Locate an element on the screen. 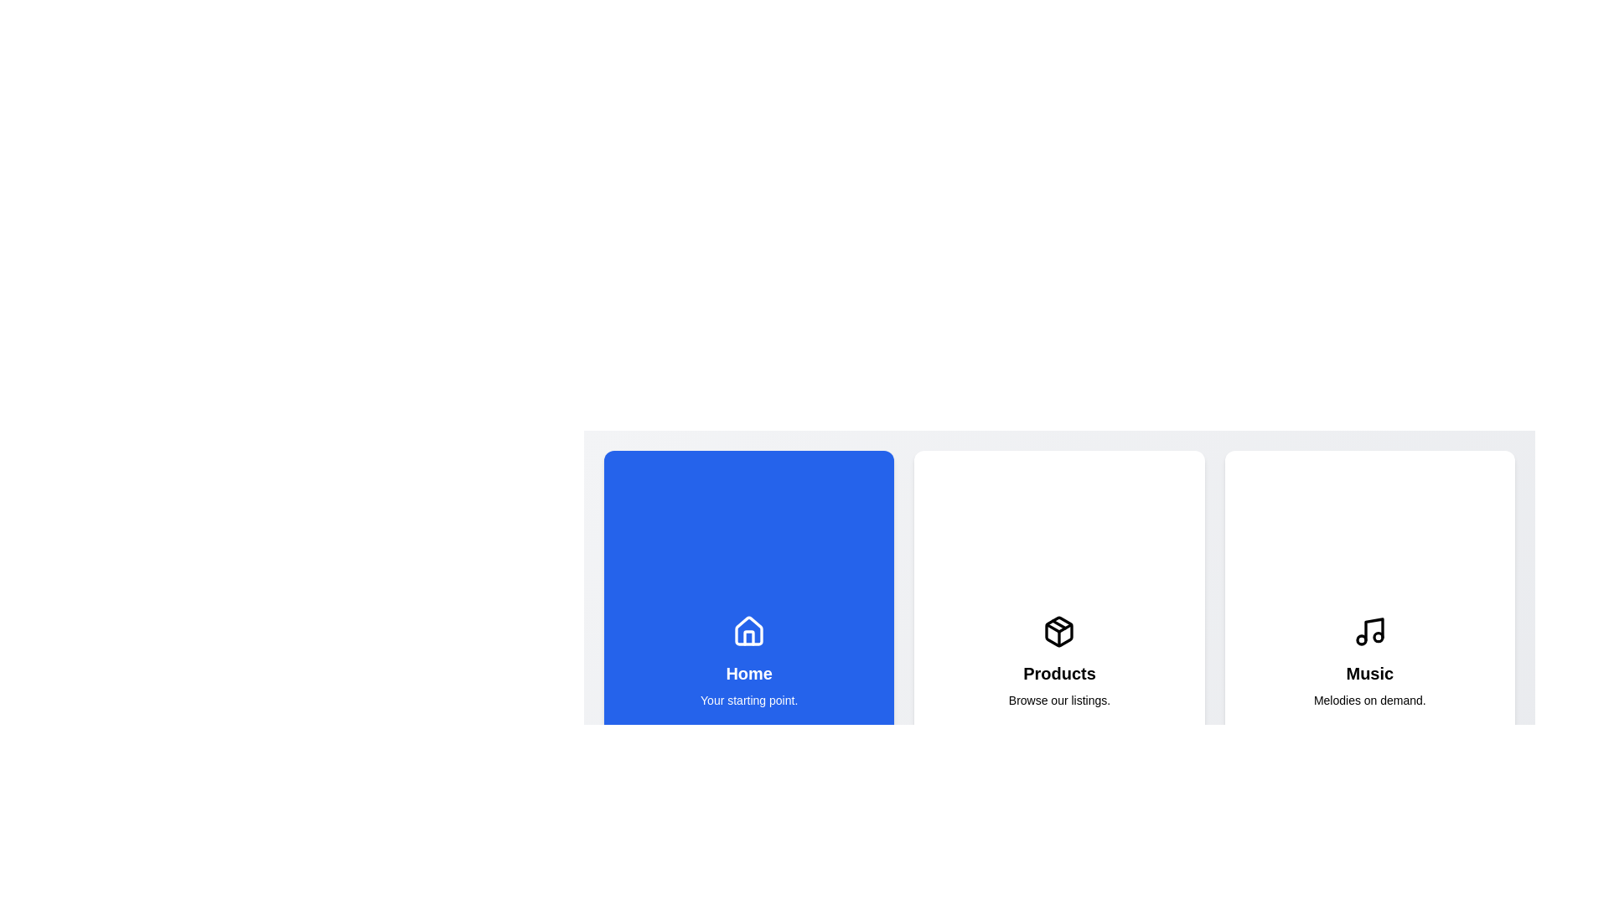 The width and height of the screenshot is (1609, 905). the section labeled Home to observe its visual changes is located at coordinates (748, 661).